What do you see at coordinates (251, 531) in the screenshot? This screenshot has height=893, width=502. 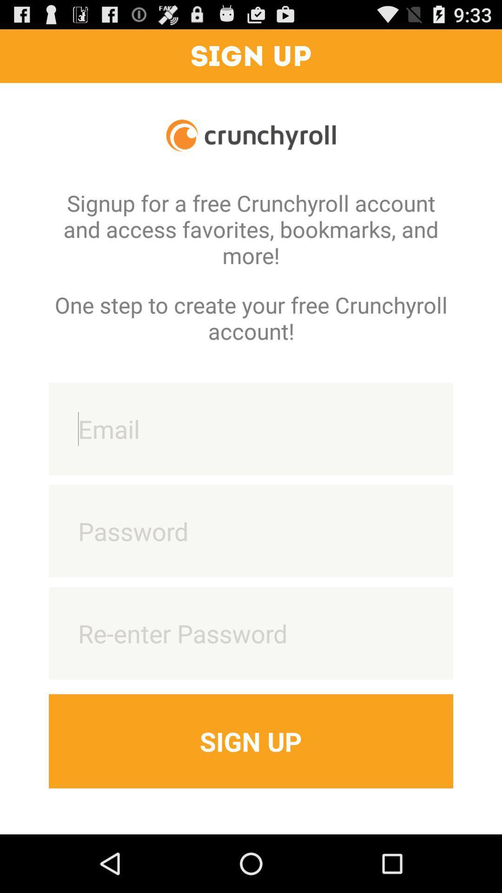 I see `type password` at bounding box center [251, 531].